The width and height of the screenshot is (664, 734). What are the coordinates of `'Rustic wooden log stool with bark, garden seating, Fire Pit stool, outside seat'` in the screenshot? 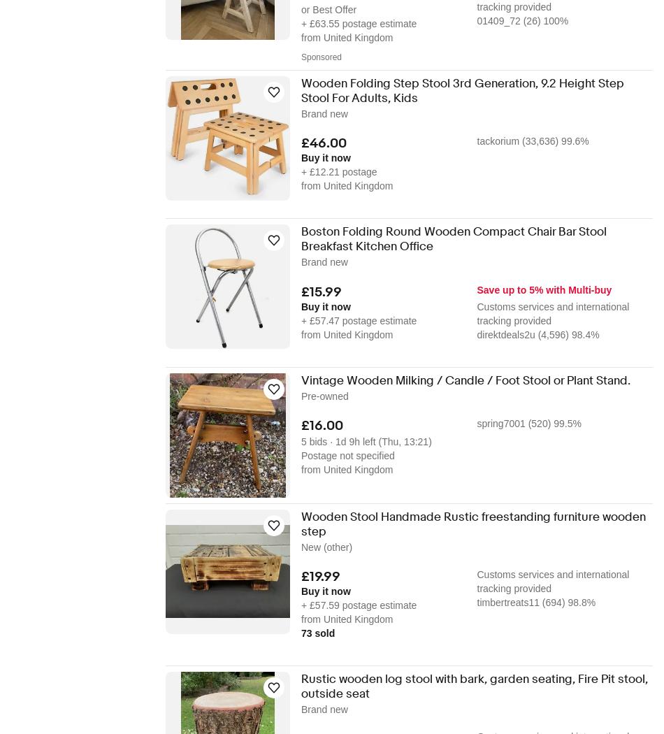 It's located at (474, 686).